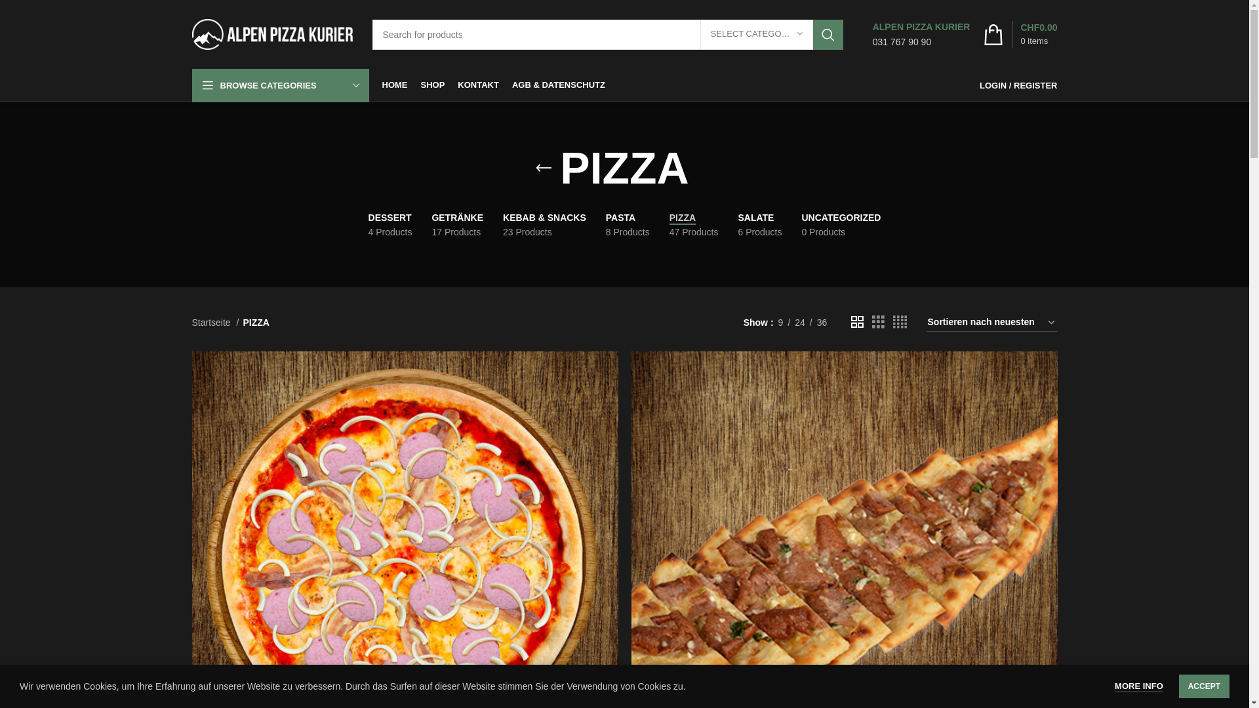 Image resolution: width=1259 pixels, height=708 pixels. What do you see at coordinates (821, 323) in the screenshot?
I see `'36'` at bounding box center [821, 323].